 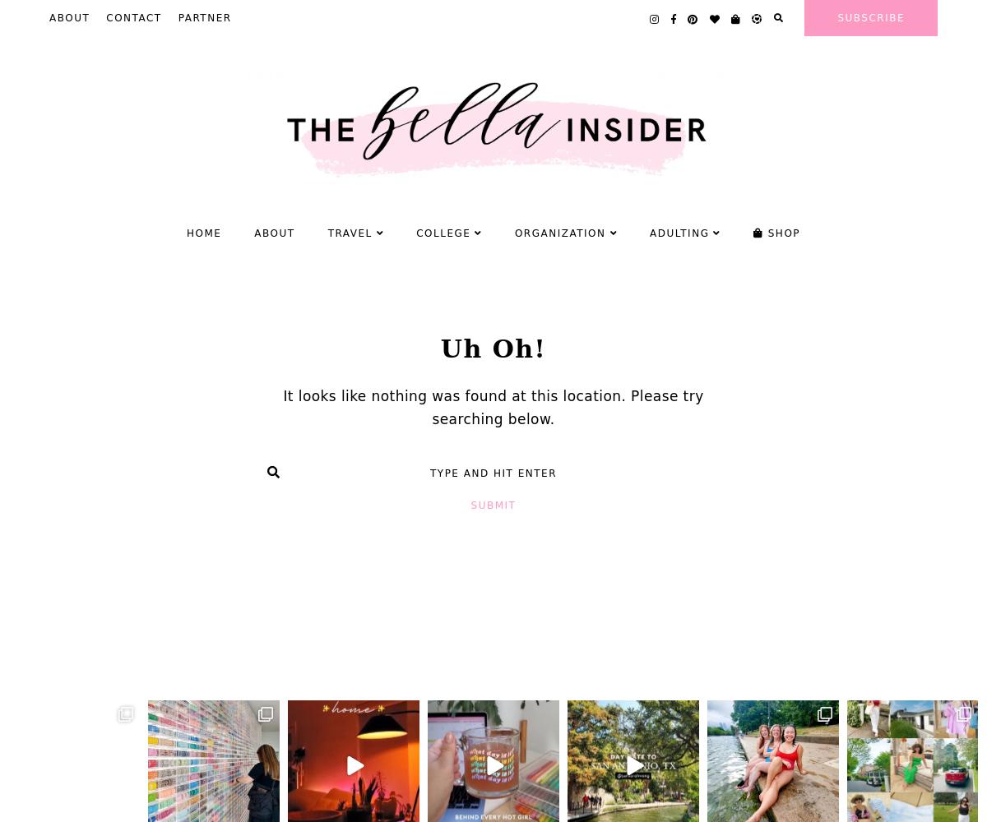 What do you see at coordinates (132, 18) in the screenshot?
I see `'Contact'` at bounding box center [132, 18].